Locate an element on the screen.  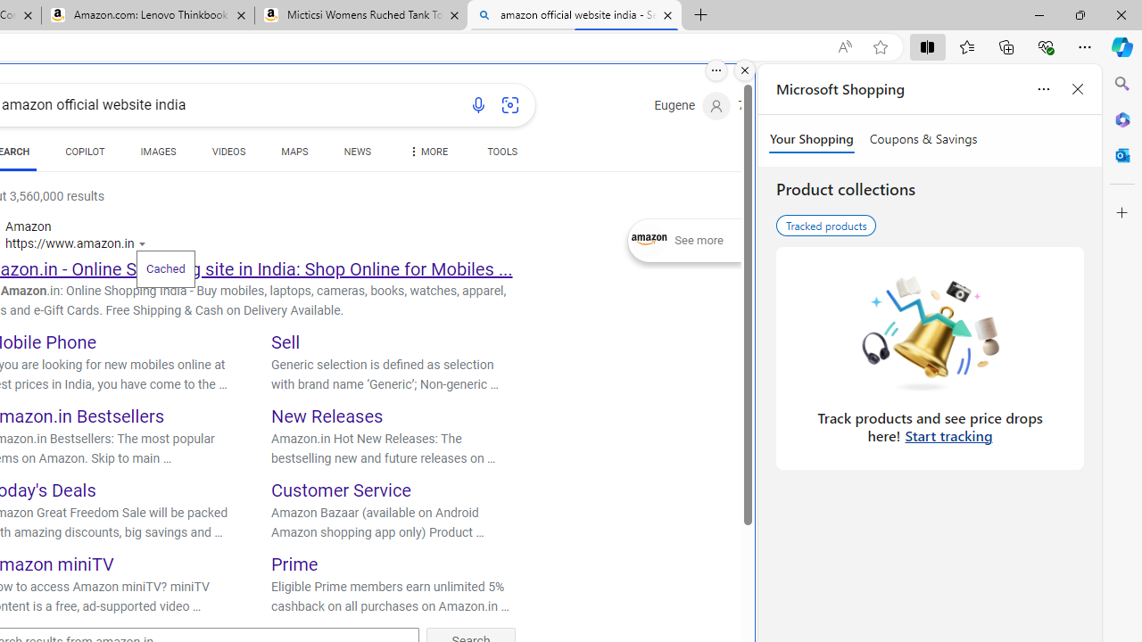
'MAPS' is located at coordinates (294, 152).